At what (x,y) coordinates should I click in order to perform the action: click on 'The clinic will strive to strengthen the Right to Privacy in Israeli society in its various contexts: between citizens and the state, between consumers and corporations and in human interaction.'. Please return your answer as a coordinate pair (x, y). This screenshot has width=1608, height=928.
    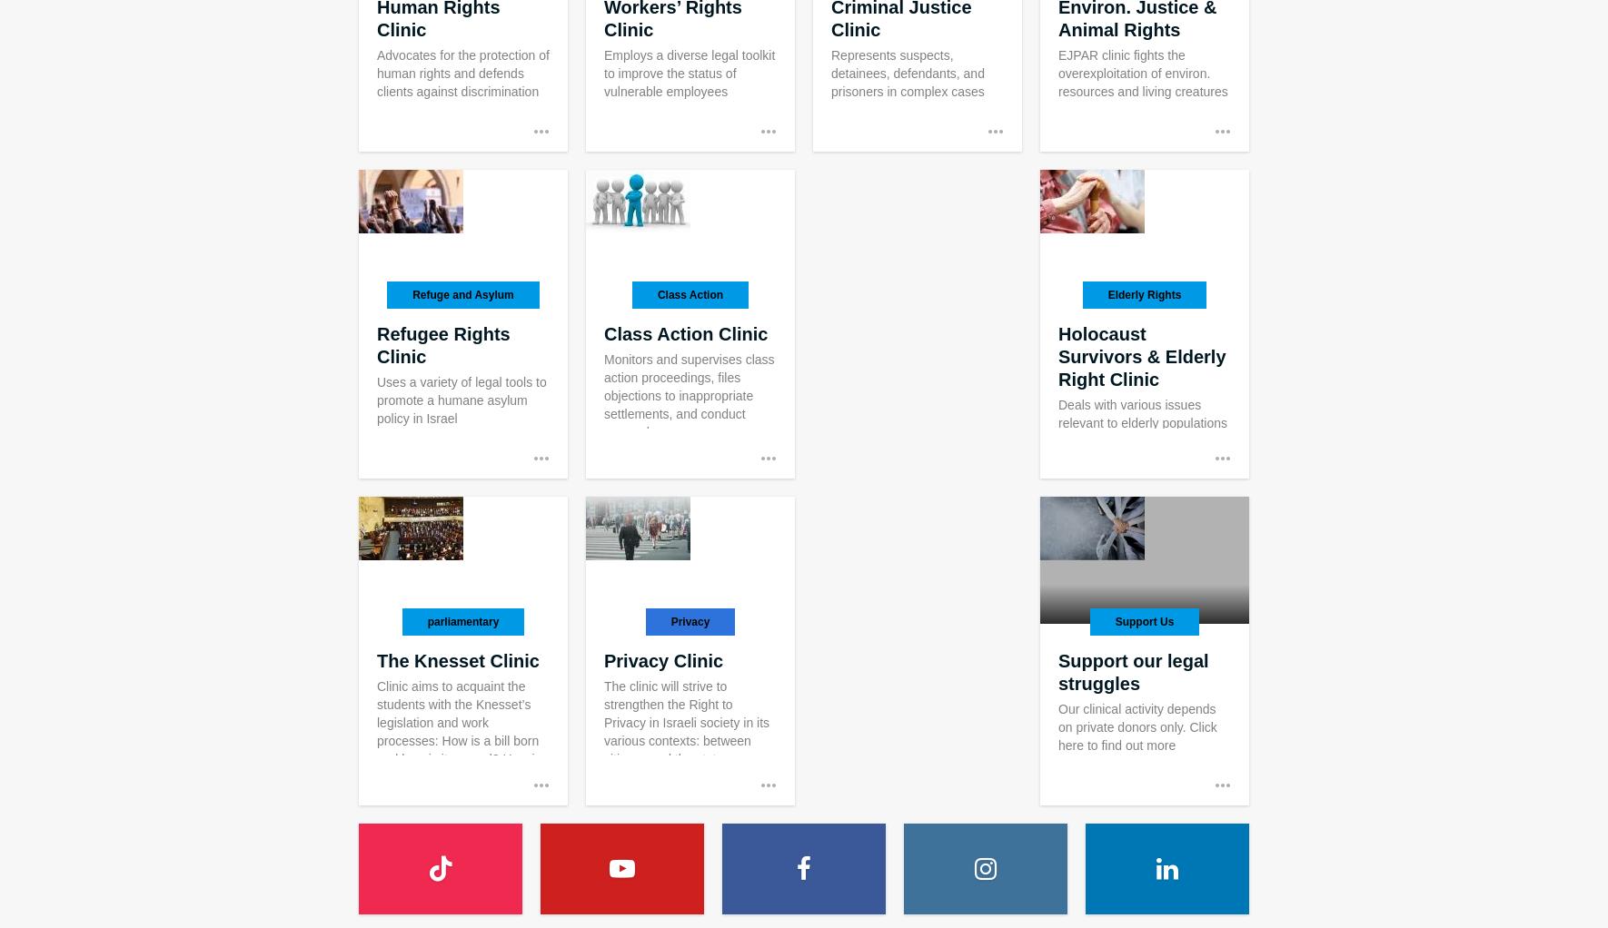
    Looking at the image, I should click on (602, 748).